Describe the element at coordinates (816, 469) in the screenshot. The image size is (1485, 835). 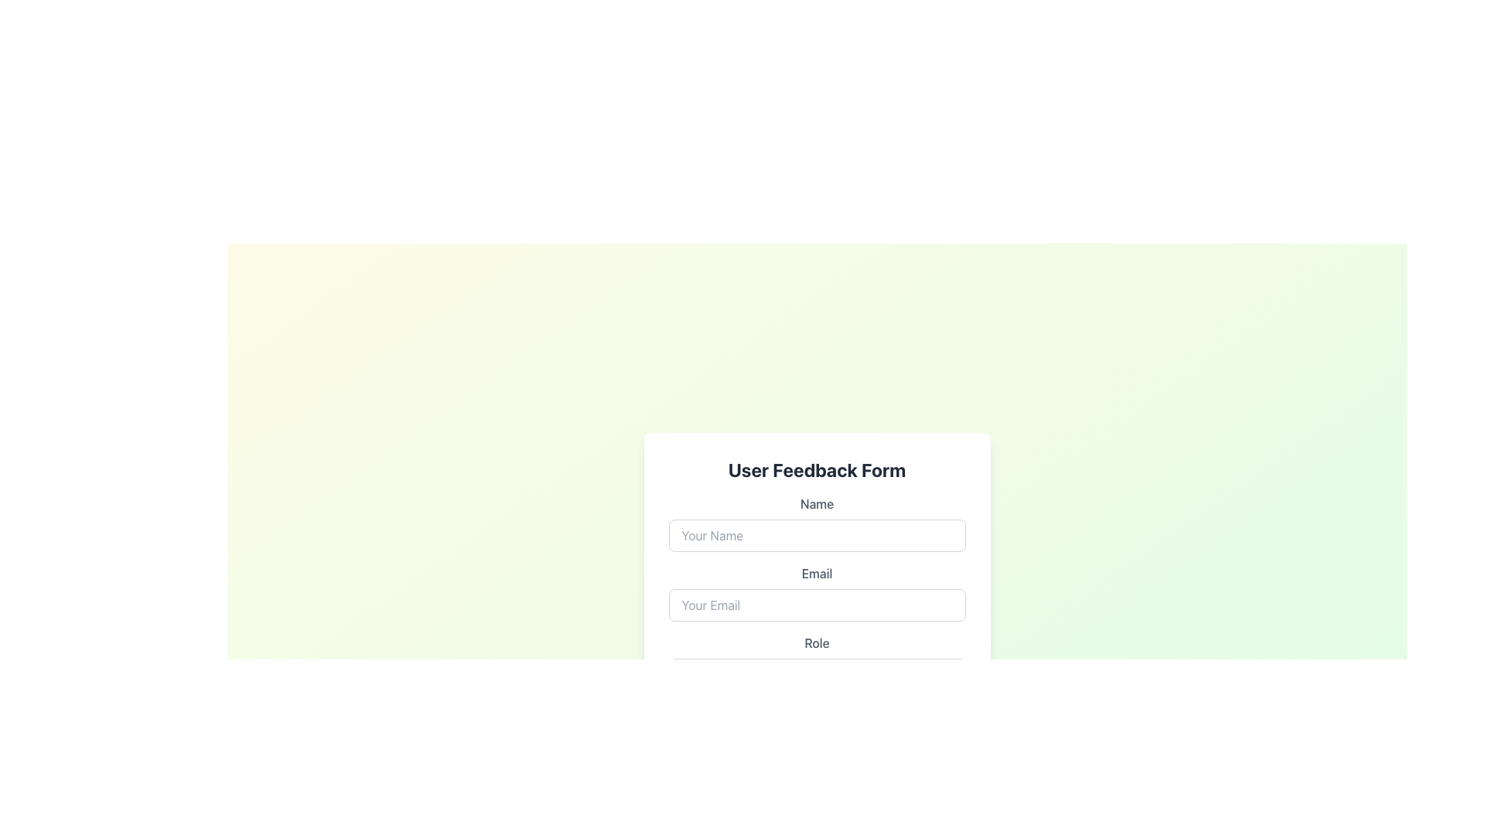
I see `the text element that serves as the header for the feedback form, positioned at the topmost part of the vertically stacked component` at that location.